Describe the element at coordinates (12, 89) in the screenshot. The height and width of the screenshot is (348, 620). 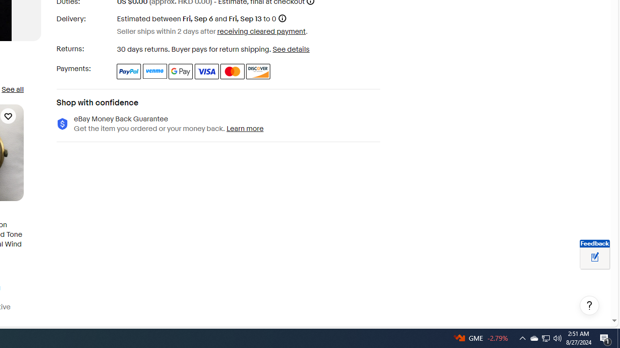
I see `'See all'` at that location.